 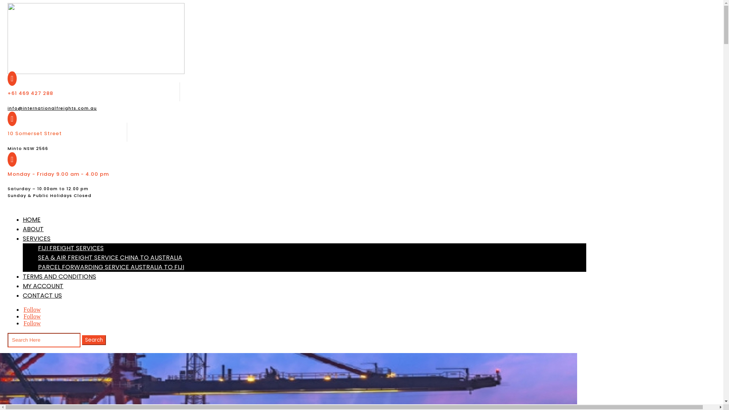 What do you see at coordinates (31, 219) in the screenshot?
I see `'HOME'` at bounding box center [31, 219].